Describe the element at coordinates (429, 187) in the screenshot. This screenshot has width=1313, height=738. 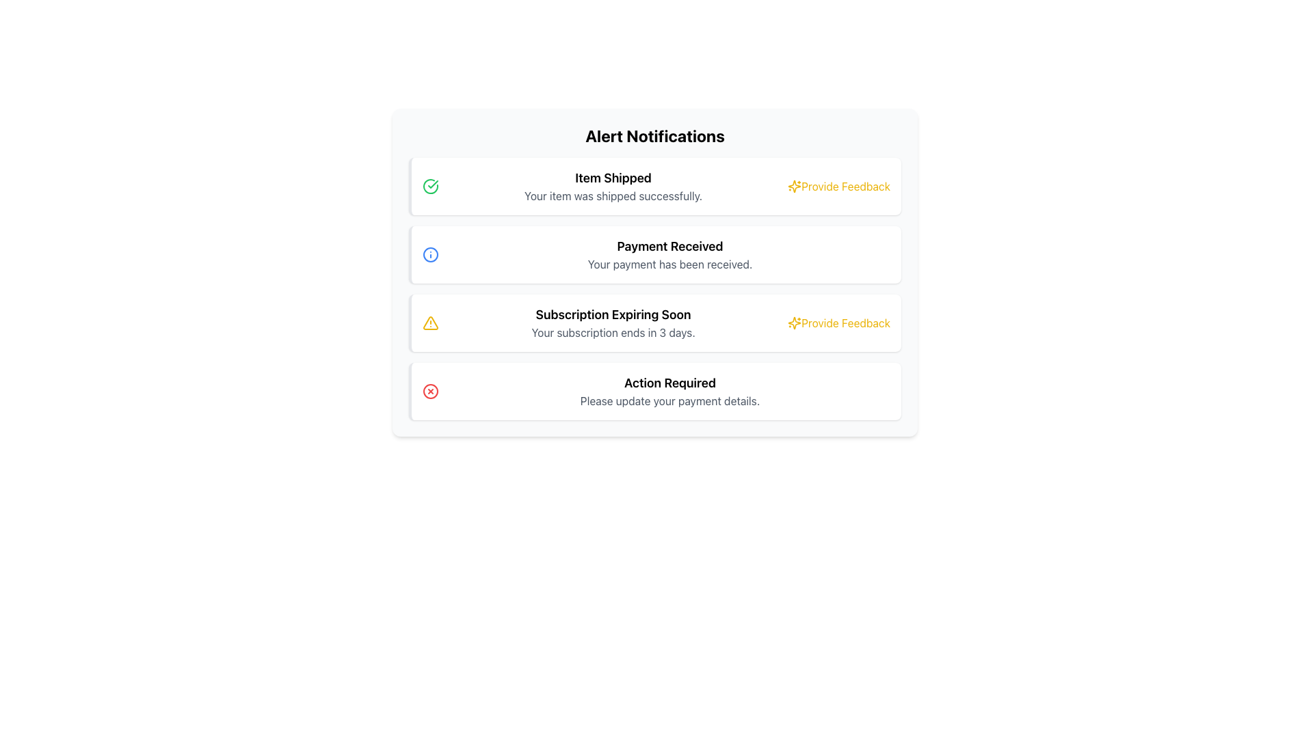
I see `the confirmation icon representing the 'Item Shipped' notification located at the upper left corner of the notification box` at that location.